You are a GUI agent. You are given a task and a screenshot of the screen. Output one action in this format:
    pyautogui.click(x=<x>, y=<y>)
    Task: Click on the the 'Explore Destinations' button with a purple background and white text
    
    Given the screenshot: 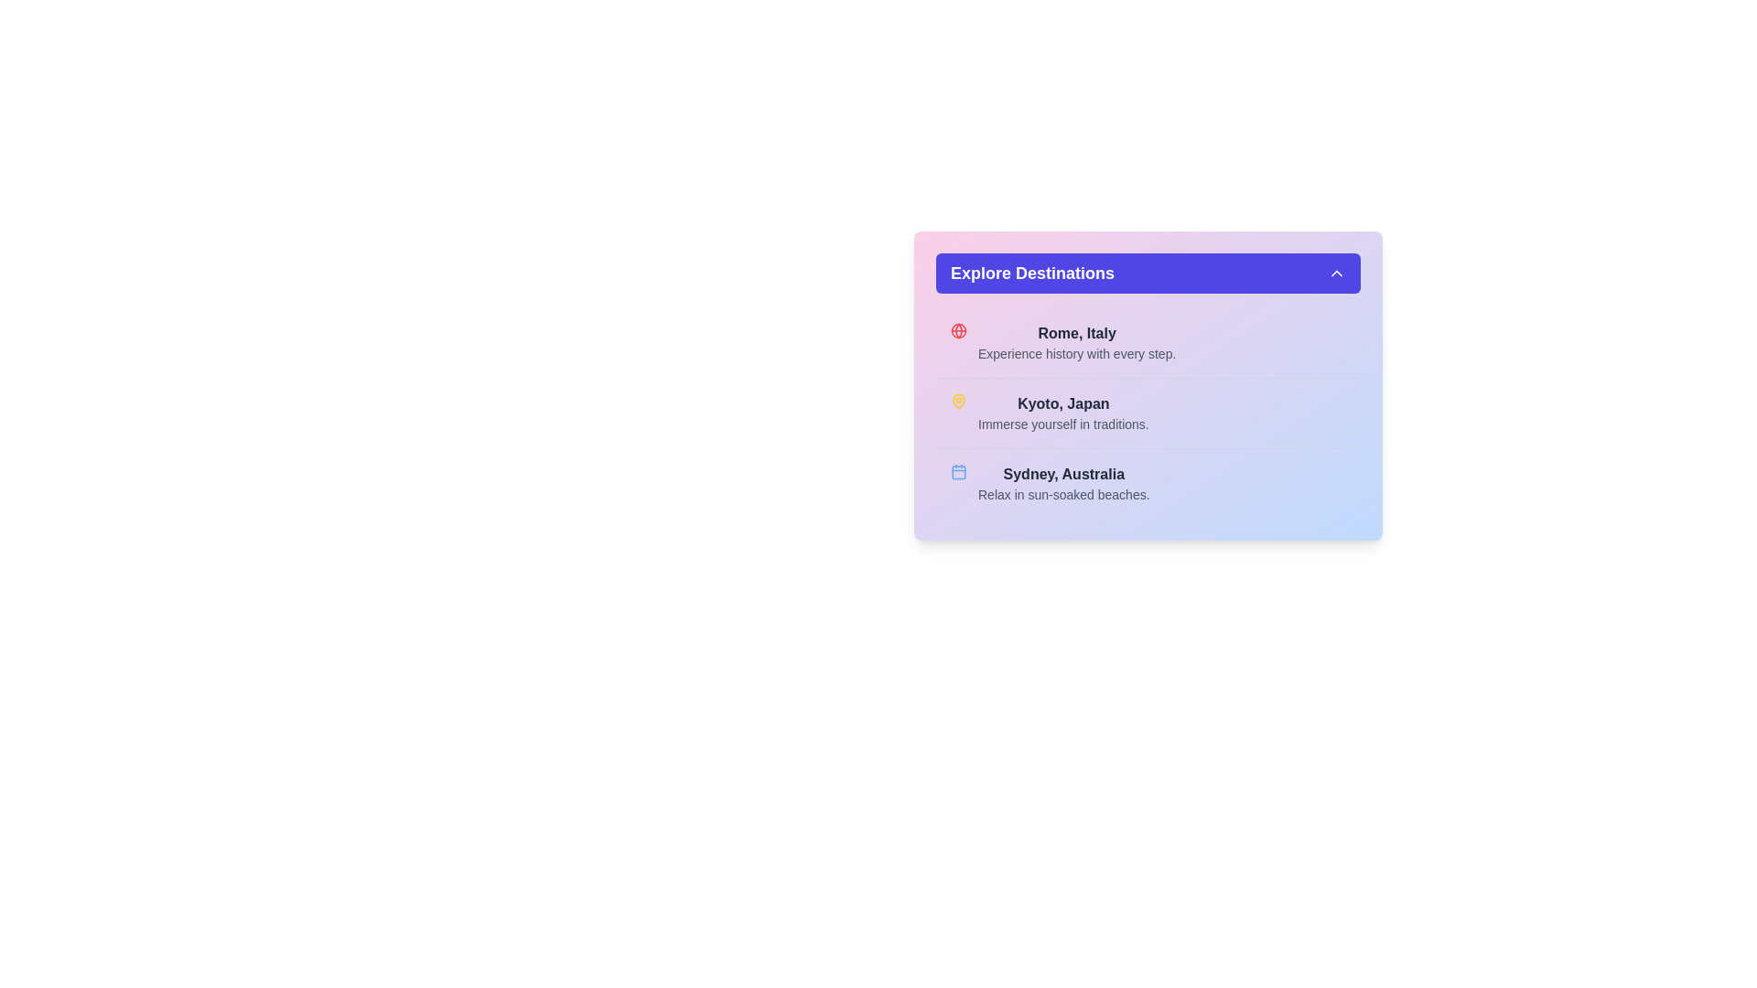 What is the action you would take?
    pyautogui.click(x=1147, y=274)
    